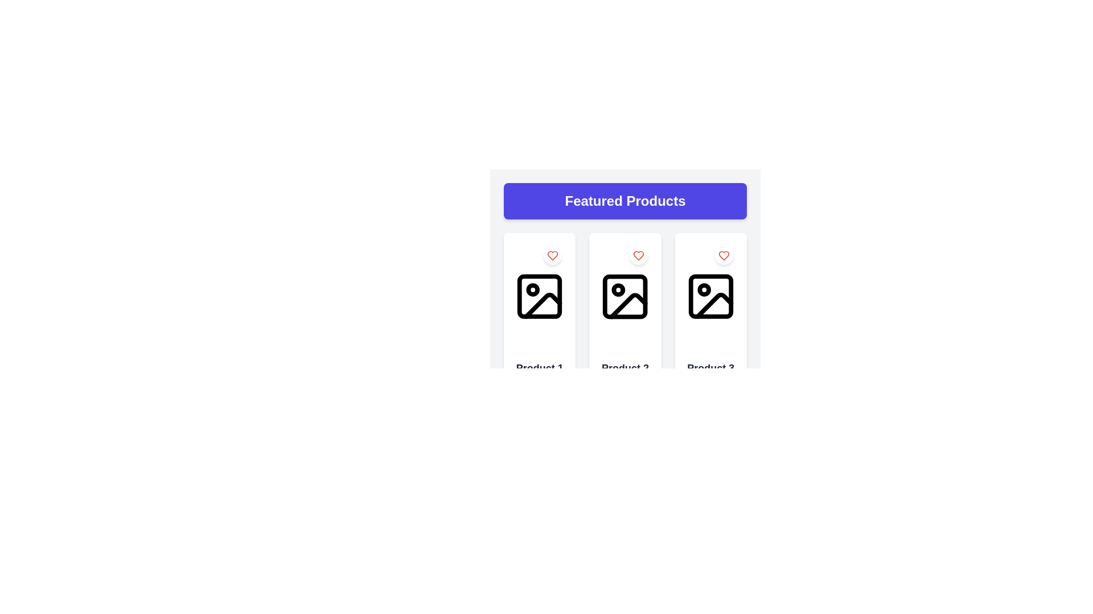  I want to click on the graphical shape within the SVG icon located at the top-left region of the first product card under the 'Featured Products' header, so click(539, 296).